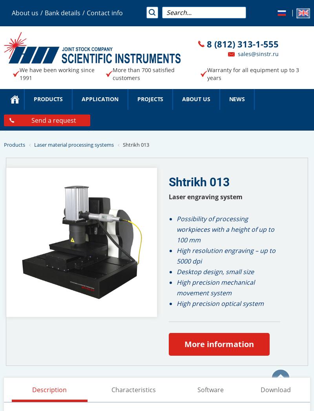 Image resolution: width=314 pixels, height=411 pixels. I want to click on 'High resolution engraving – up to 5000 dpi', so click(226, 255).